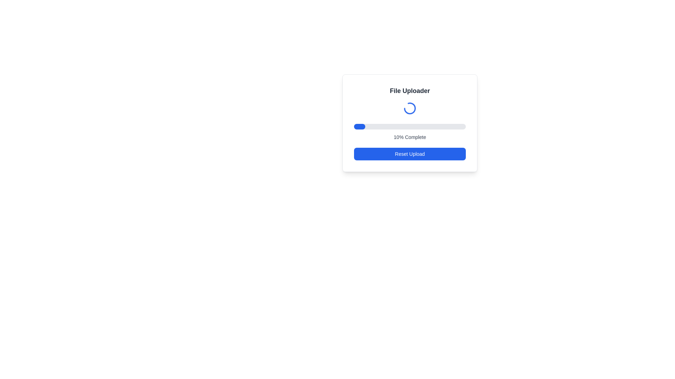 This screenshot has height=379, width=675. What do you see at coordinates (410, 108) in the screenshot?
I see `the animated spinner element, which is a circular blue ring with a gap, located at the top-middle of the modal above the progress bar and reset button` at bounding box center [410, 108].